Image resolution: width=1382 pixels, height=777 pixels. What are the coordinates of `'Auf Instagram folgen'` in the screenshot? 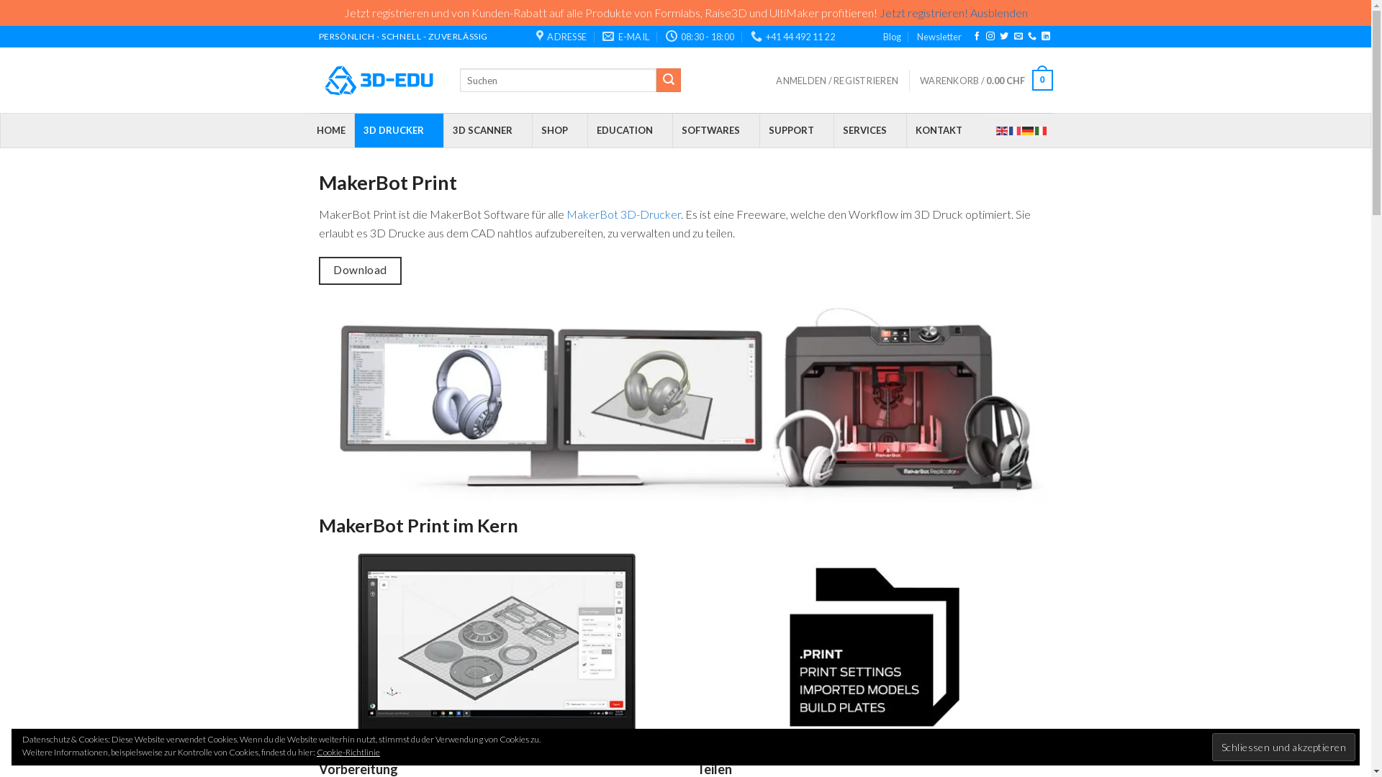 It's located at (990, 35).